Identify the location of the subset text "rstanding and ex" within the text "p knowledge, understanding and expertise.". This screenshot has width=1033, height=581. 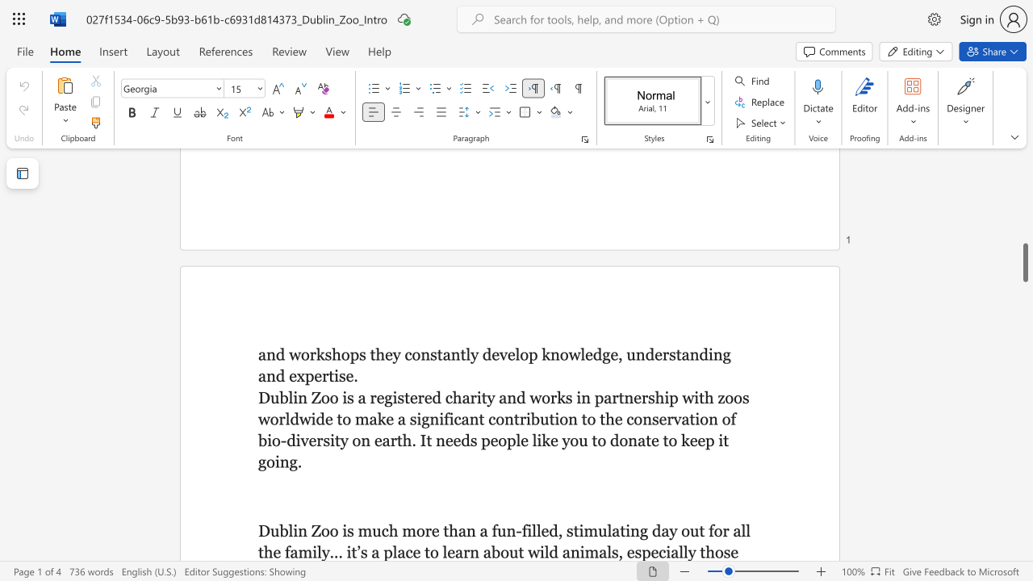
(662, 353).